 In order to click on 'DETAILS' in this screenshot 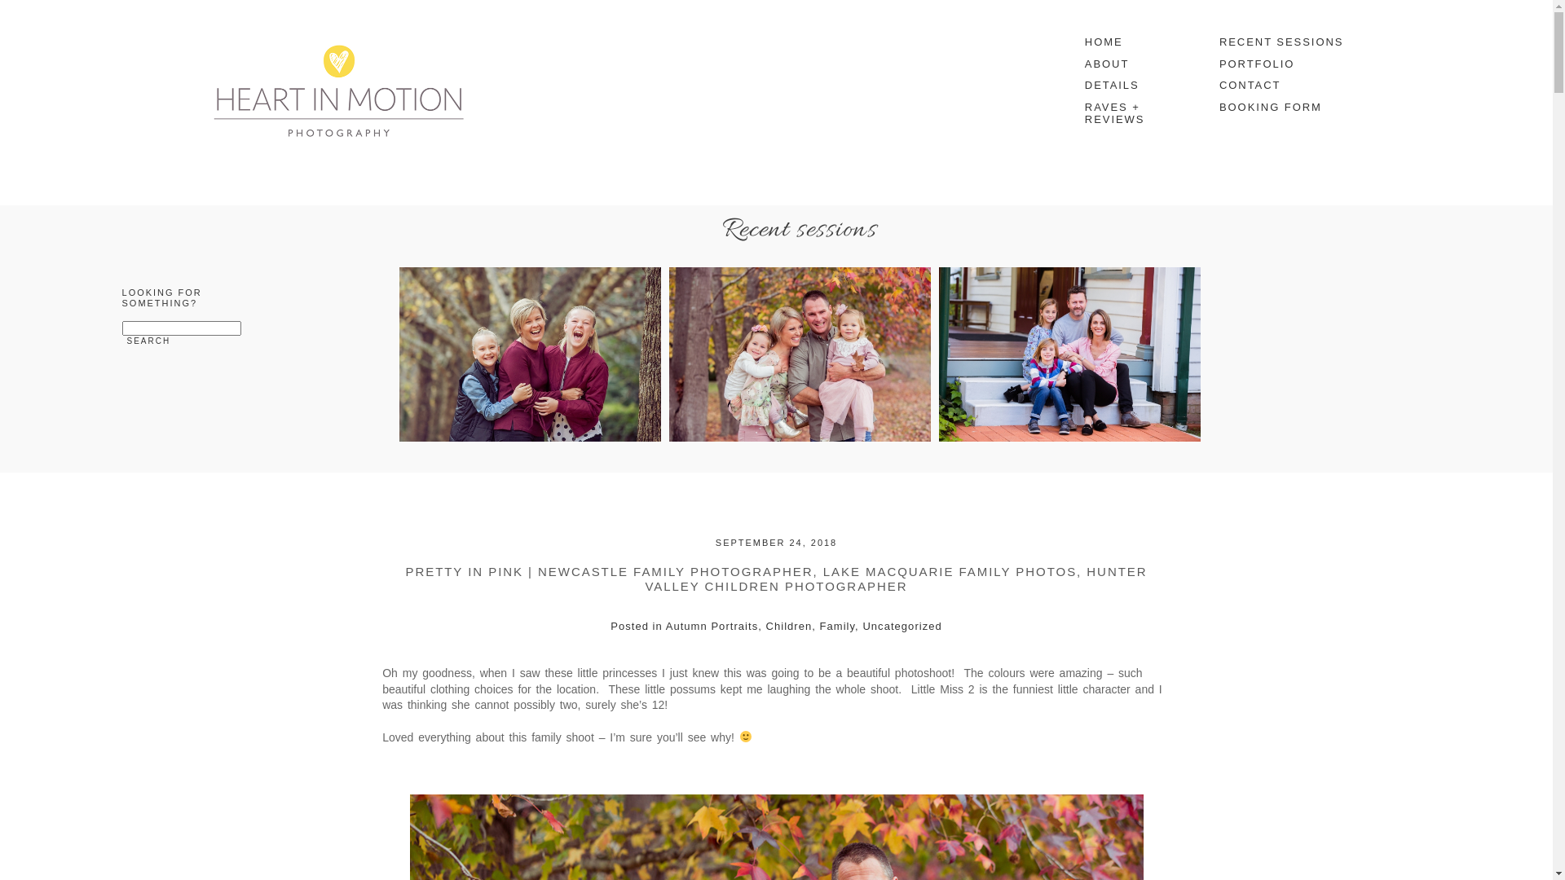, I will do `click(1133, 86)`.